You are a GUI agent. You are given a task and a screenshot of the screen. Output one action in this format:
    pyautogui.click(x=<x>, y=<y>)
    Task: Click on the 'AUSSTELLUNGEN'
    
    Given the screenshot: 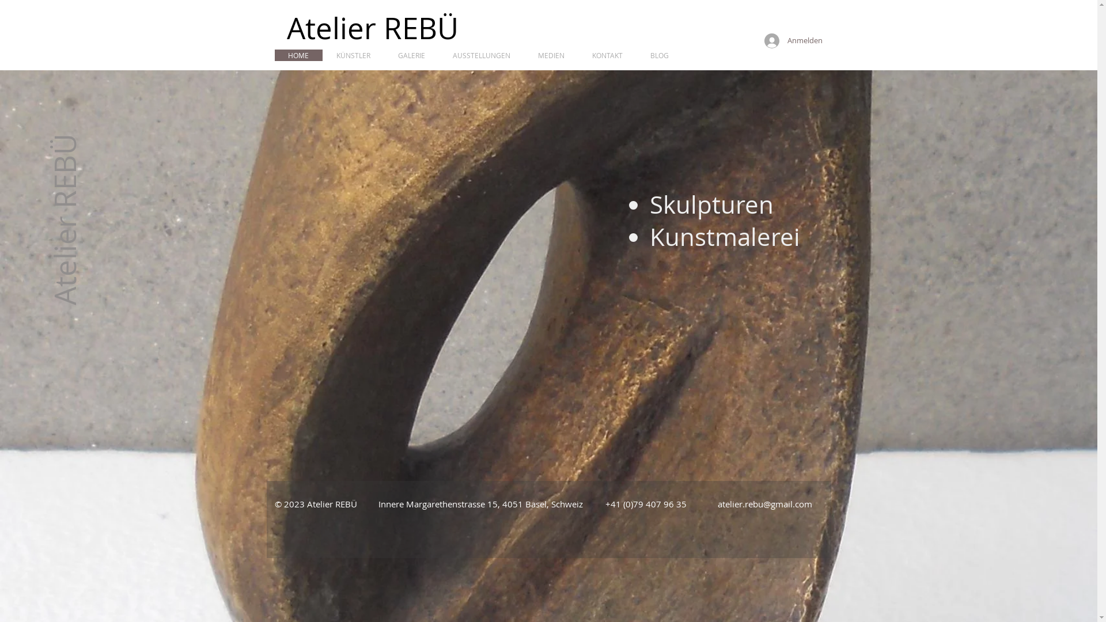 What is the action you would take?
    pyautogui.click(x=481, y=55)
    